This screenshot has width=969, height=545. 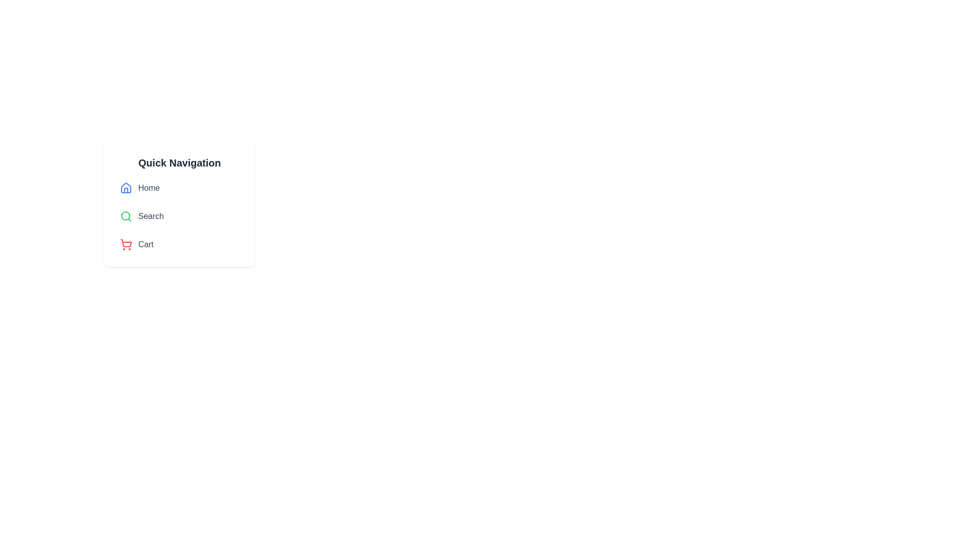 What do you see at coordinates (179, 188) in the screenshot?
I see `the 'Home' navigation link in the vertically stacked navigation menu` at bounding box center [179, 188].